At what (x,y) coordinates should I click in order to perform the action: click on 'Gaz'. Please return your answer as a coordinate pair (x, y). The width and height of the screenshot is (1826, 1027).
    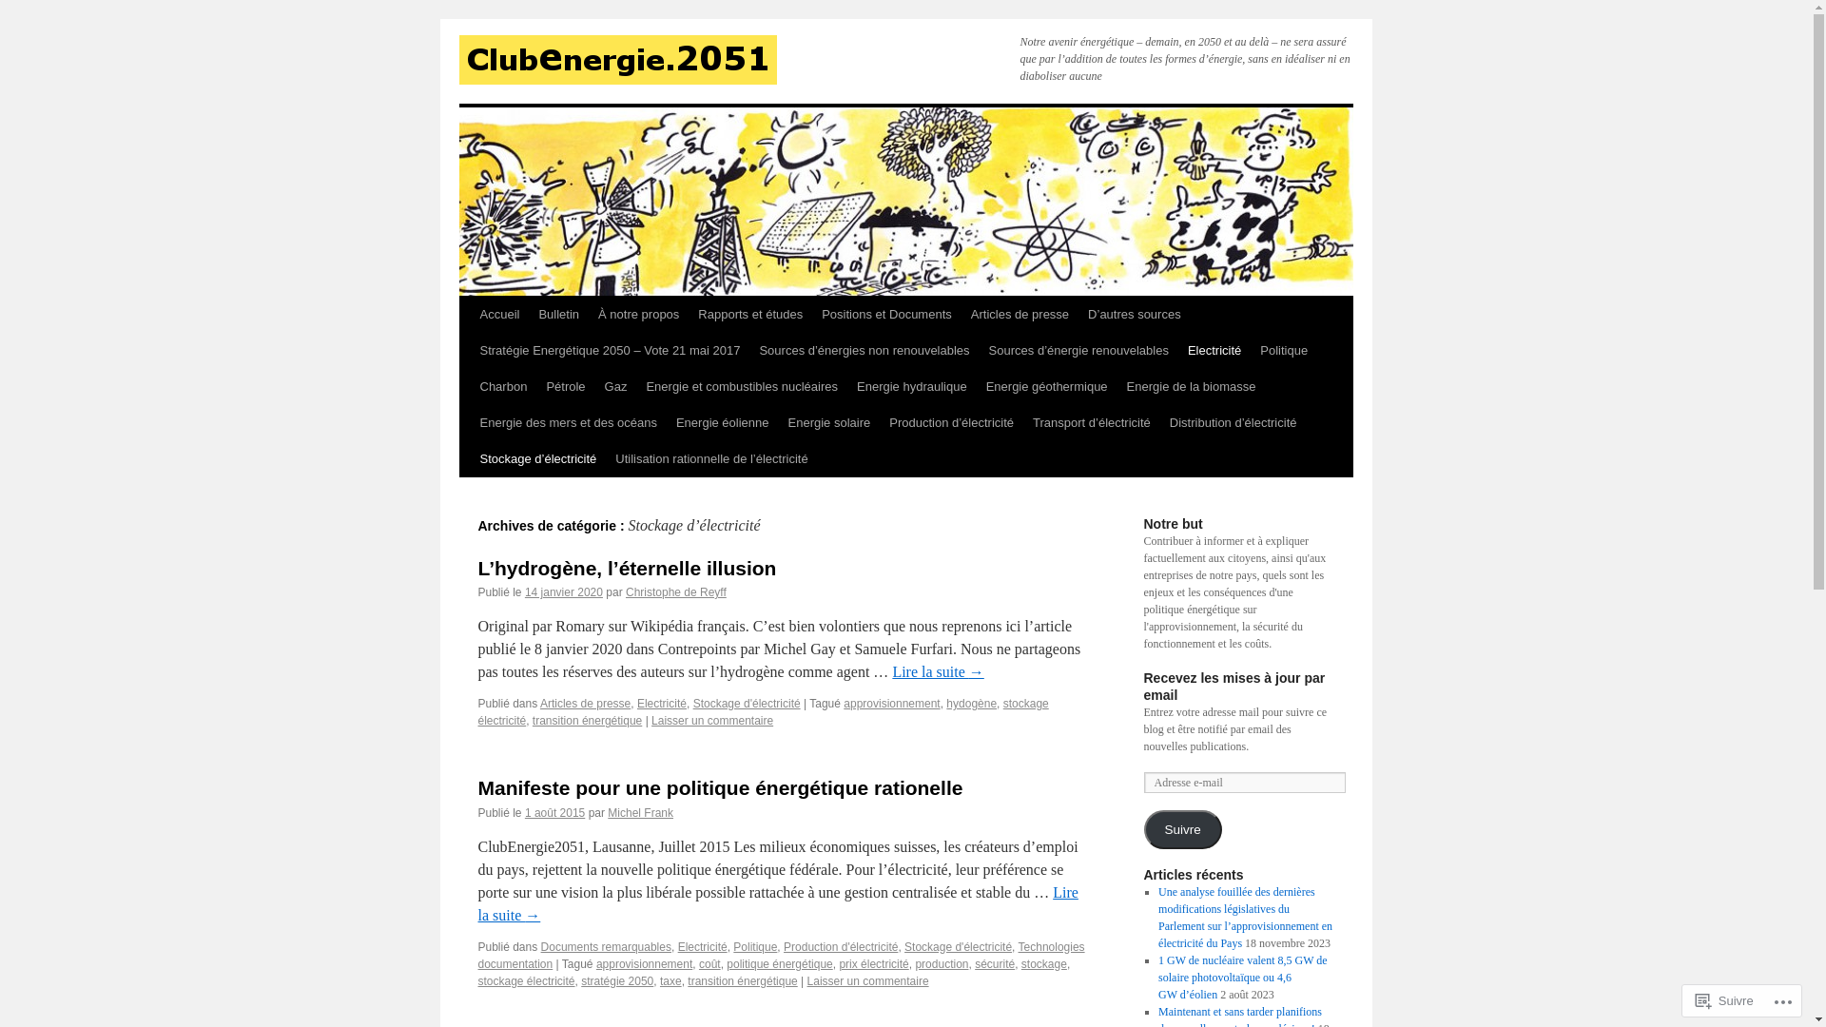
    Looking at the image, I should click on (616, 386).